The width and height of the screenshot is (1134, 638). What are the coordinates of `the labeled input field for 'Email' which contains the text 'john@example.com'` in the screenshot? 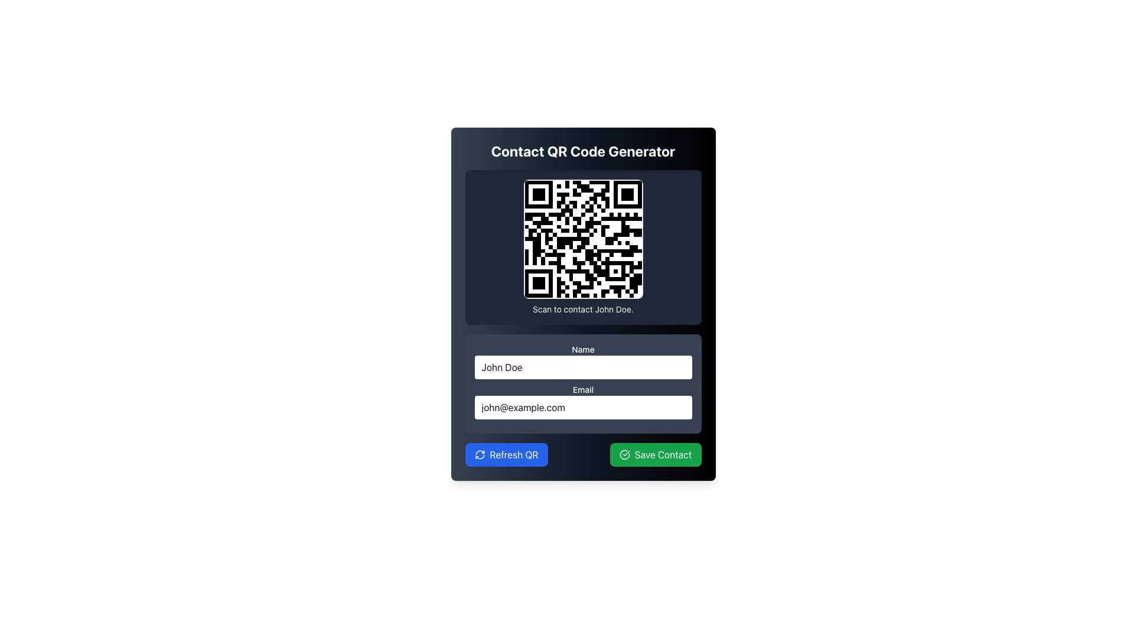 It's located at (583, 401).